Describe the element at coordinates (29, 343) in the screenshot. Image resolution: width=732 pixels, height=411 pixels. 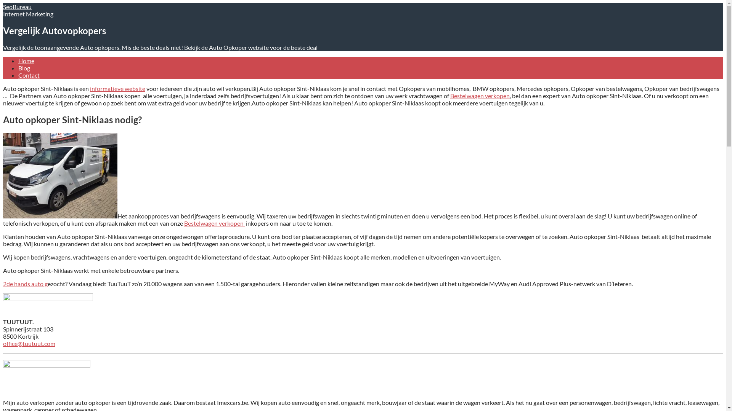
I see `'office@tuutuut.com'` at that location.